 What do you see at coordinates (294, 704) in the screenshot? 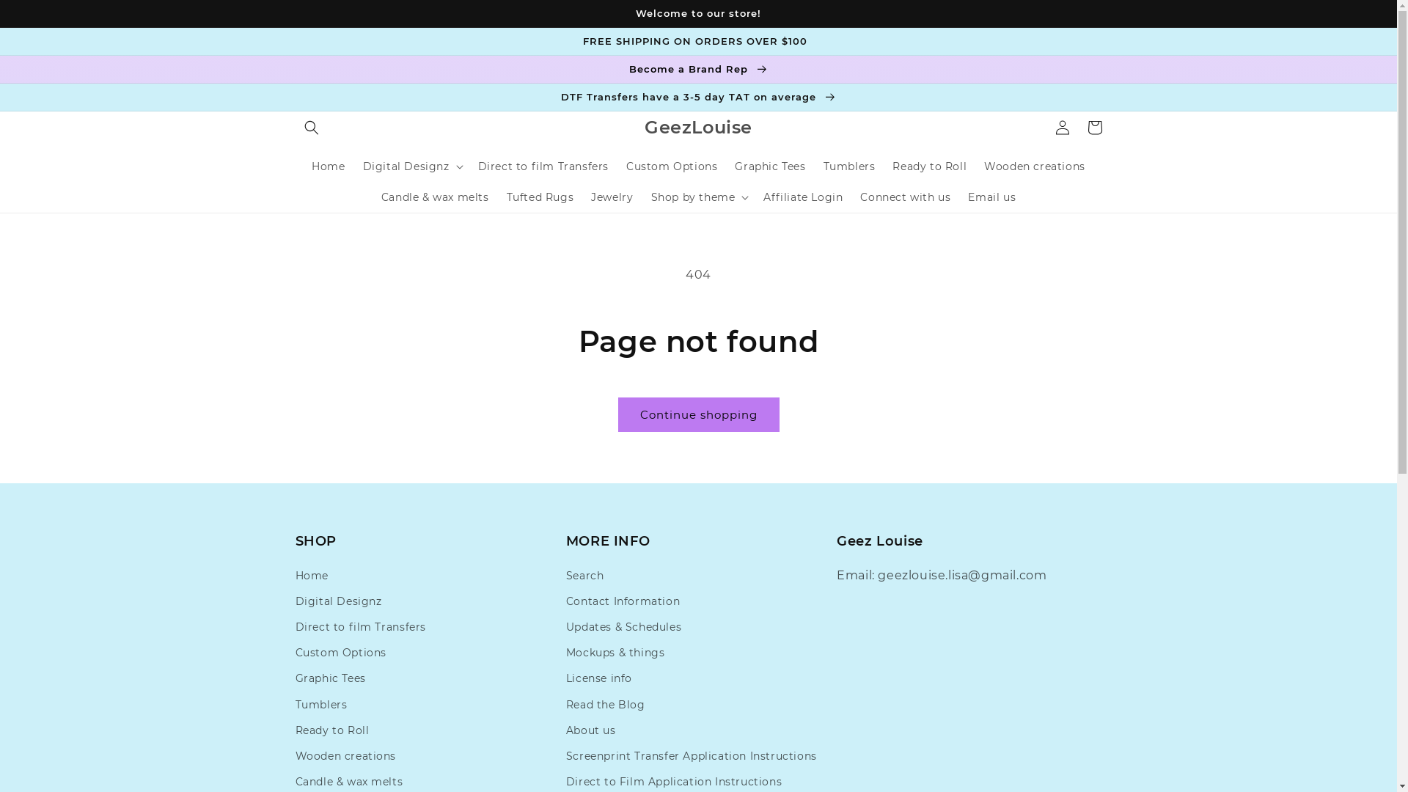
I see `'Tumblers'` at bounding box center [294, 704].